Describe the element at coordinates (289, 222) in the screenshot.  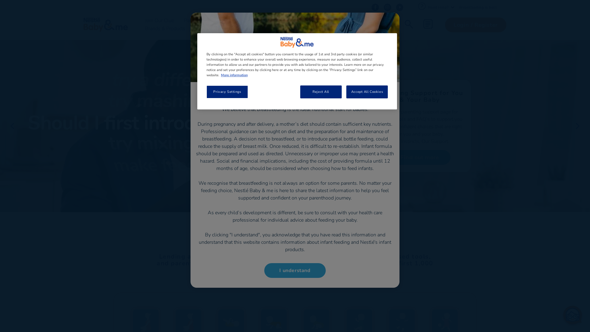
I see `'2'` at that location.